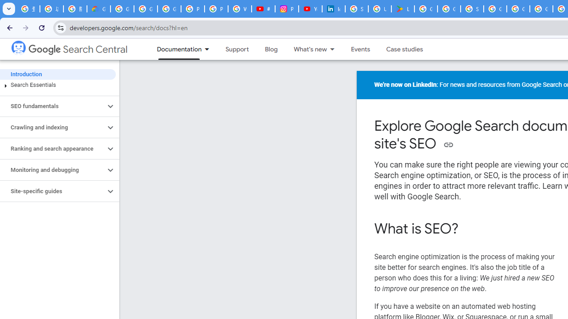 Image resolution: width=568 pixels, height=319 pixels. Describe the element at coordinates (263, 9) in the screenshot. I see `'#nbabasketballhighlights - YouTube'` at that location.